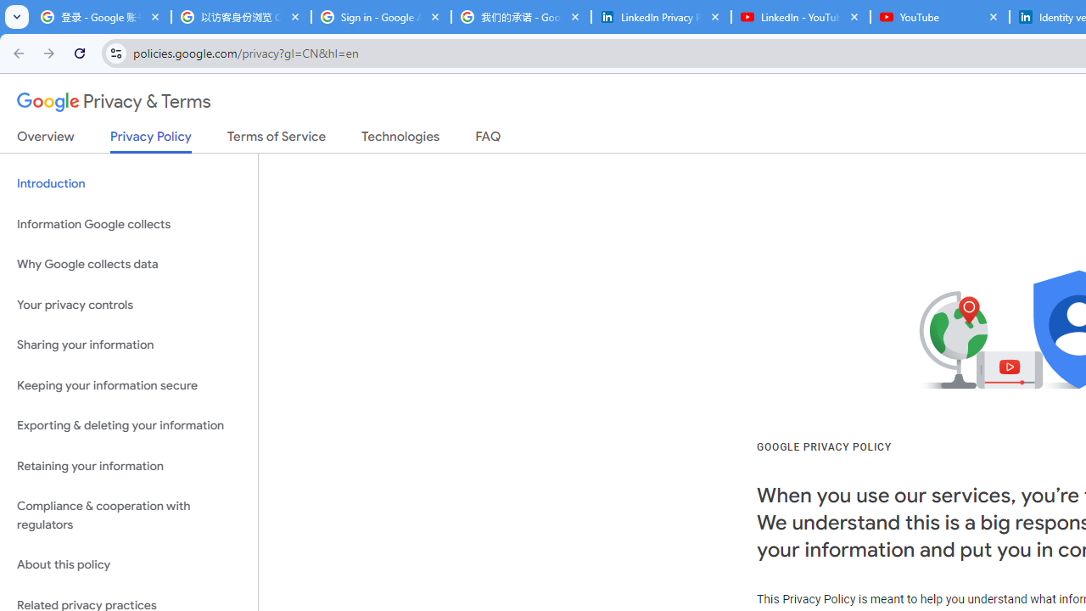 This screenshot has height=611, width=1086. I want to click on 'LinkedIn Privacy Policy', so click(660, 17).